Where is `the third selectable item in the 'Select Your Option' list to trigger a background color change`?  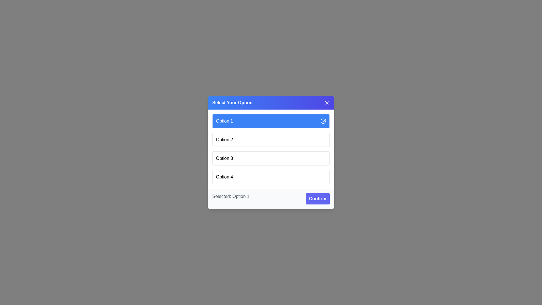
the third selectable item in the 'Select Your Option' list to trigger a background color change is located at coordinates (271, 158).